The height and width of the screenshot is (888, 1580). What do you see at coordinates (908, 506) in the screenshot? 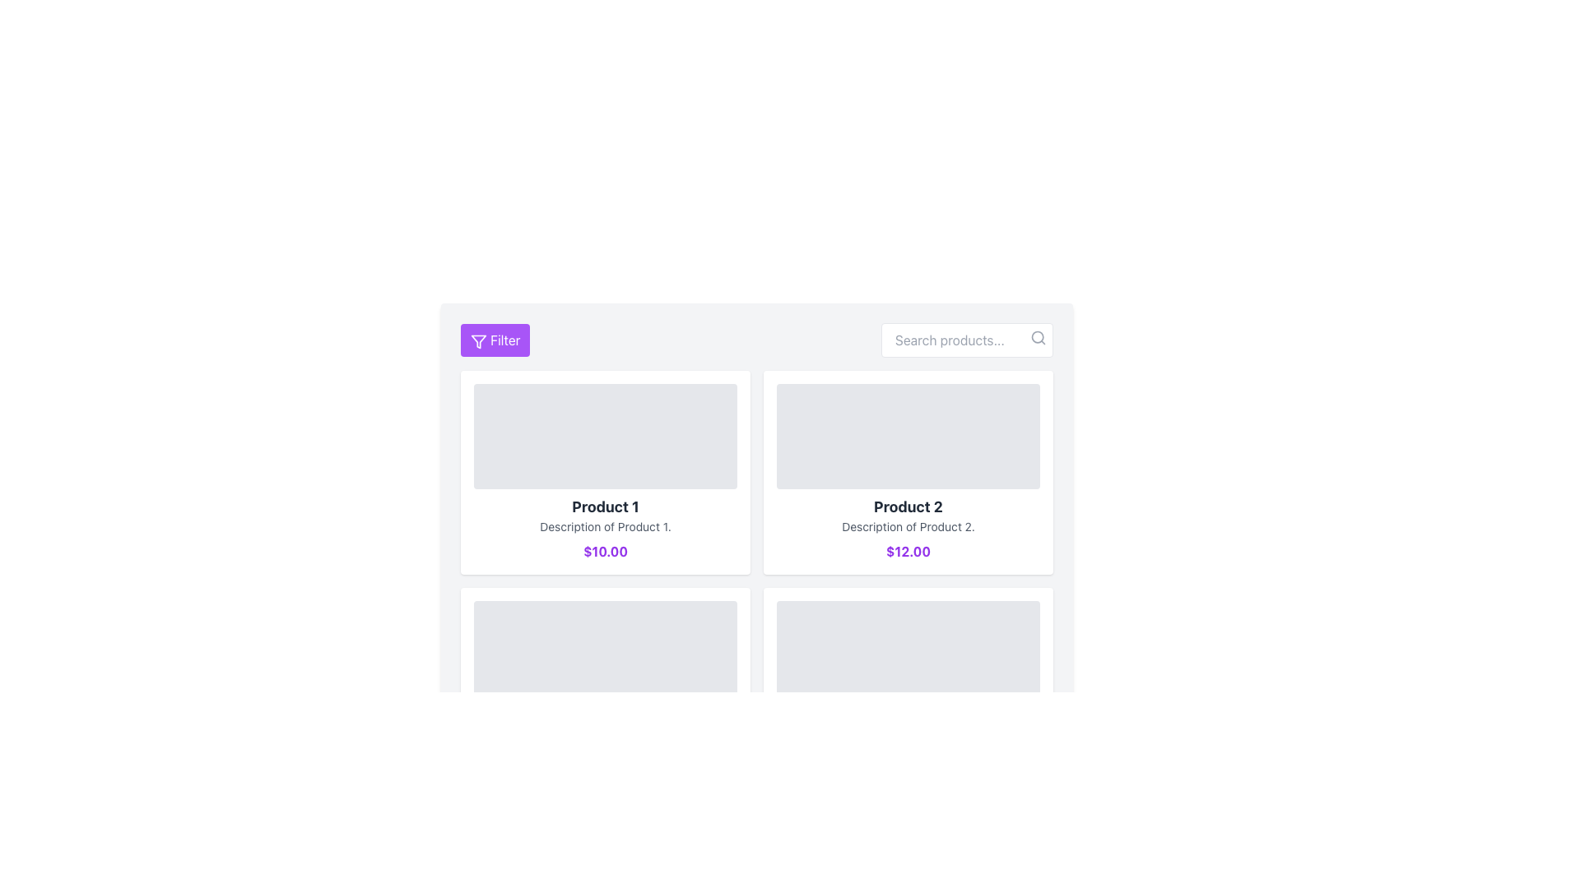
I see `text of the bold title label in the second product card, which is positioned below the placeholder image and above the description text` at bounding box center [908, 506].